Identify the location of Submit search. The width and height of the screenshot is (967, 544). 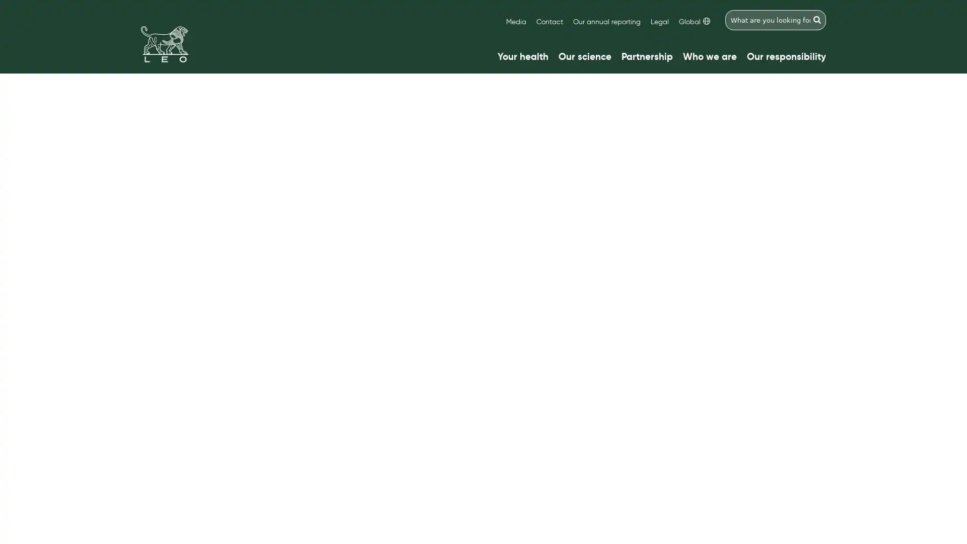
(817, 20).